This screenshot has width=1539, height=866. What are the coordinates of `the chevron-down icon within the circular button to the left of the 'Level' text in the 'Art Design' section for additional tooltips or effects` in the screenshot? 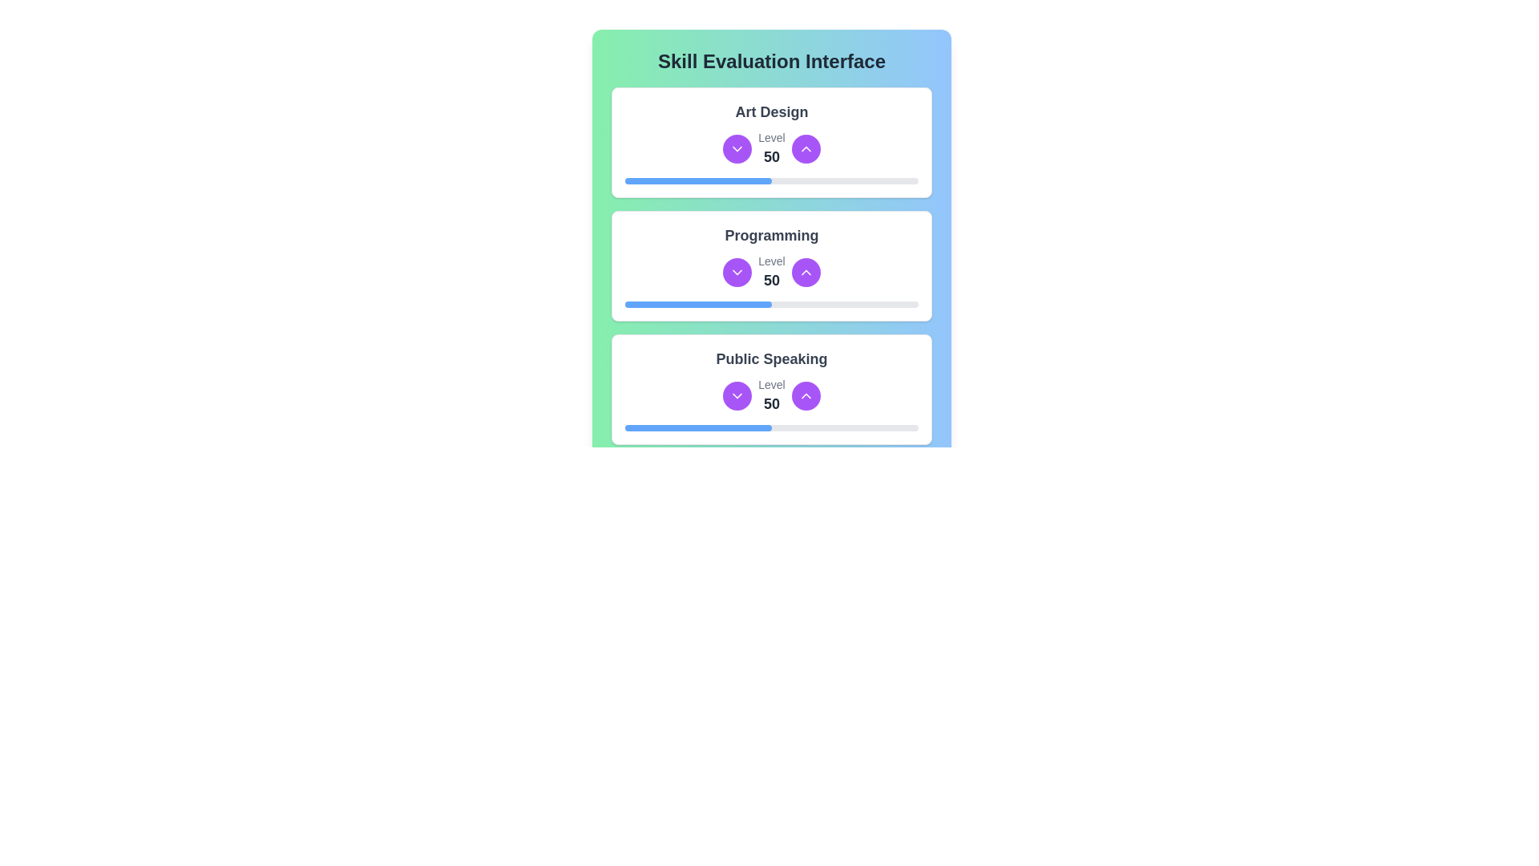 It's located at (737, 395).